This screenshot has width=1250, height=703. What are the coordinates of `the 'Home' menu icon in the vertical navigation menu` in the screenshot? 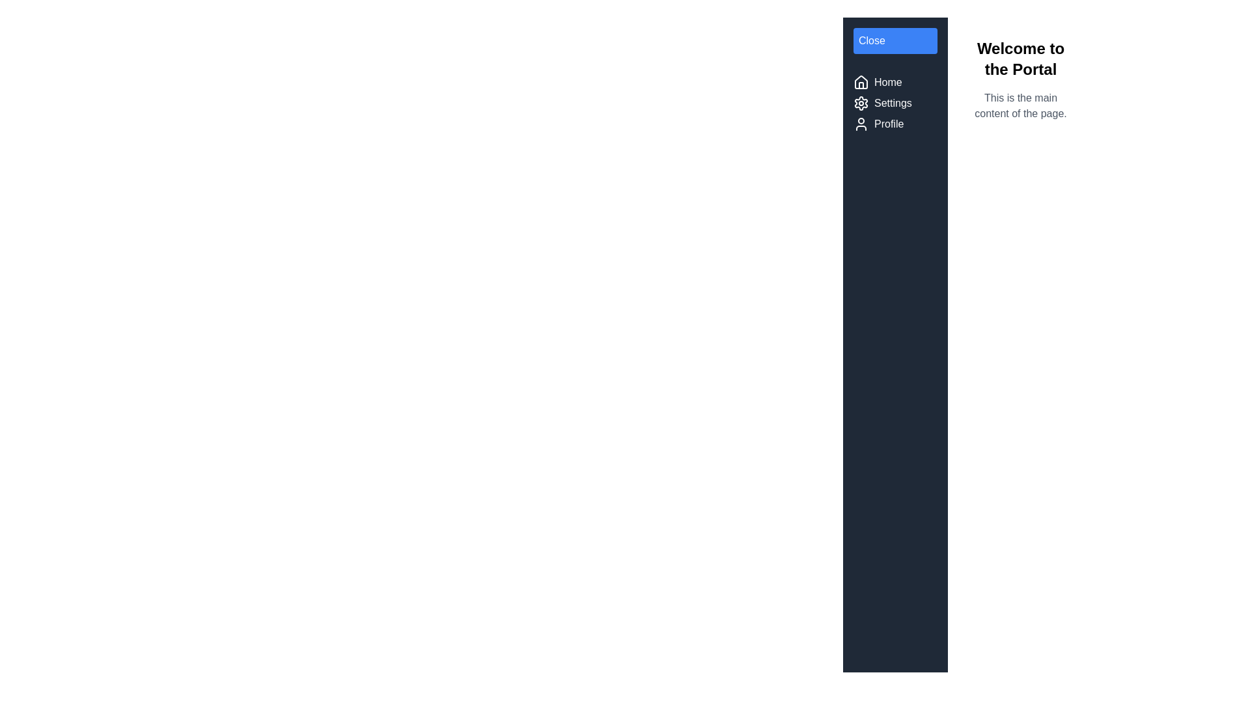 It's located at (861, 82).